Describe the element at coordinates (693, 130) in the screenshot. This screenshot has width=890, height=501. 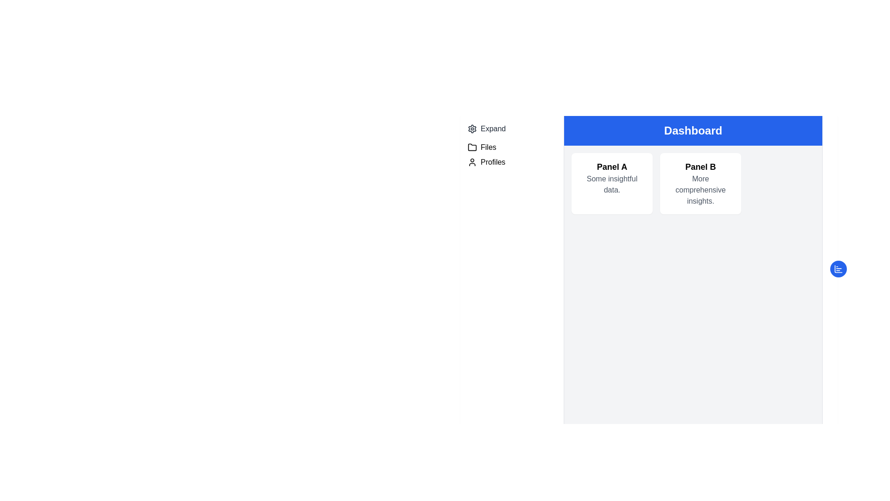
I see `the static text label indicating that the user is on the 'Dashboard' page, which is located in the top center area of the interface within a blue header section` at that location.